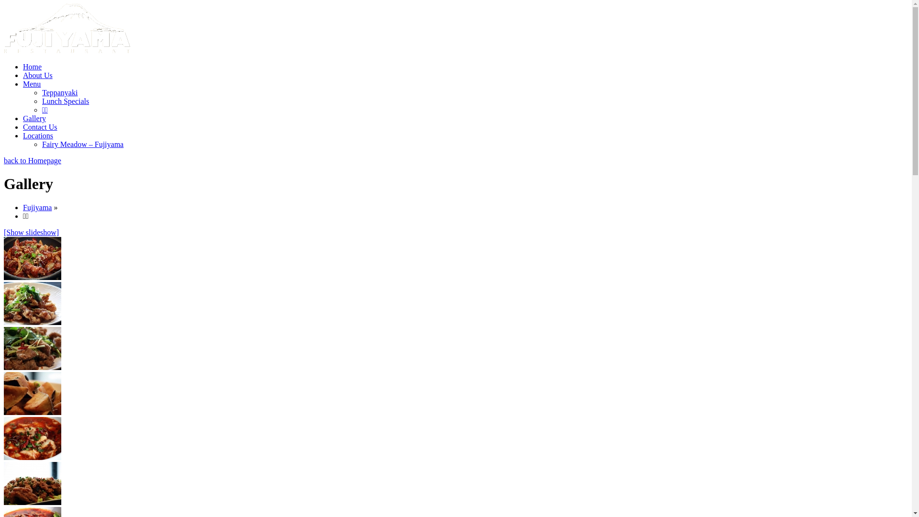 This screenshot has height=517, width=919. What do you see at coordinates (23, 126) in the screenshot?
I see `'Contact Us'` at bounding box center [23, 126].